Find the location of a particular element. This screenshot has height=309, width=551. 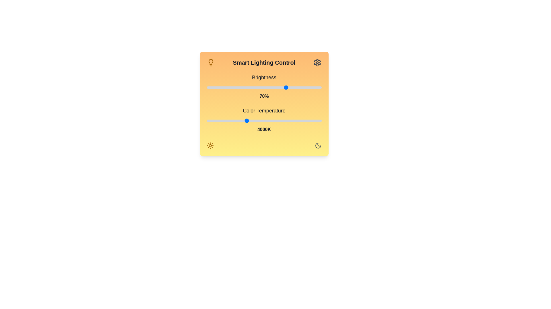

the color temperature slider to set the color temperature to 4139 Kelvin is located at coordinates (250, 120).